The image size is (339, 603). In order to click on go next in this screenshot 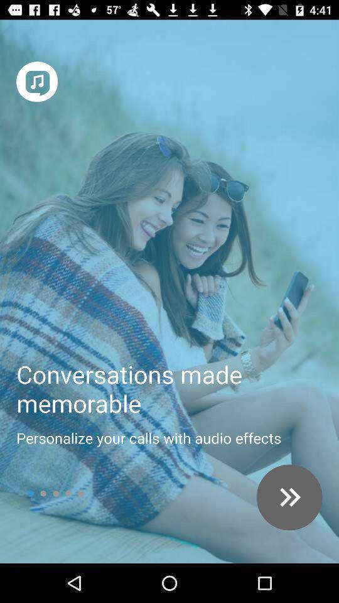, I will do `click(289, 497)`.